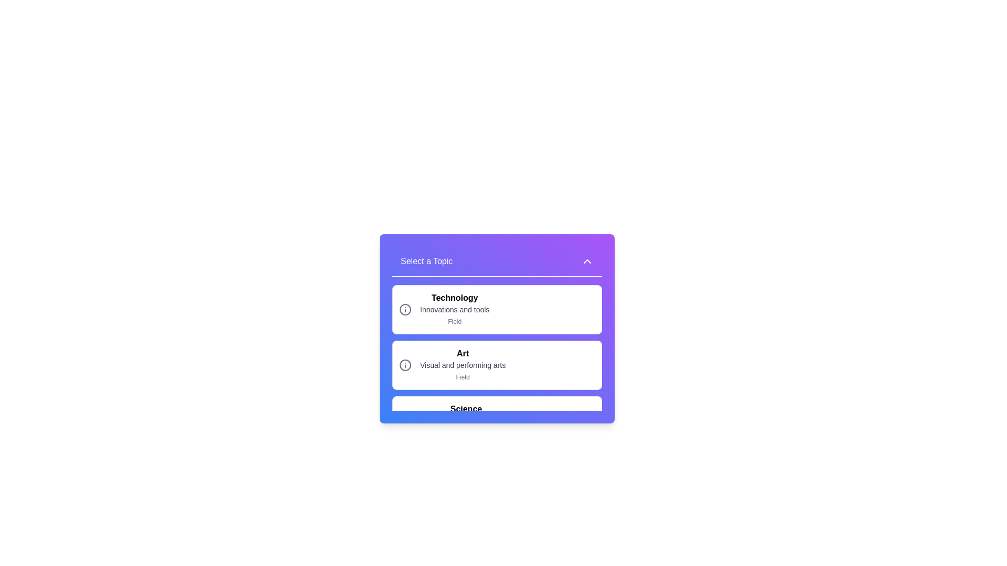 Image resolution: width=1007 pixels, height=566 pixels. I want to click on the decorative icon related to the 'Technology' topic within the 'Select a Topic' panel, so click(404, 309).